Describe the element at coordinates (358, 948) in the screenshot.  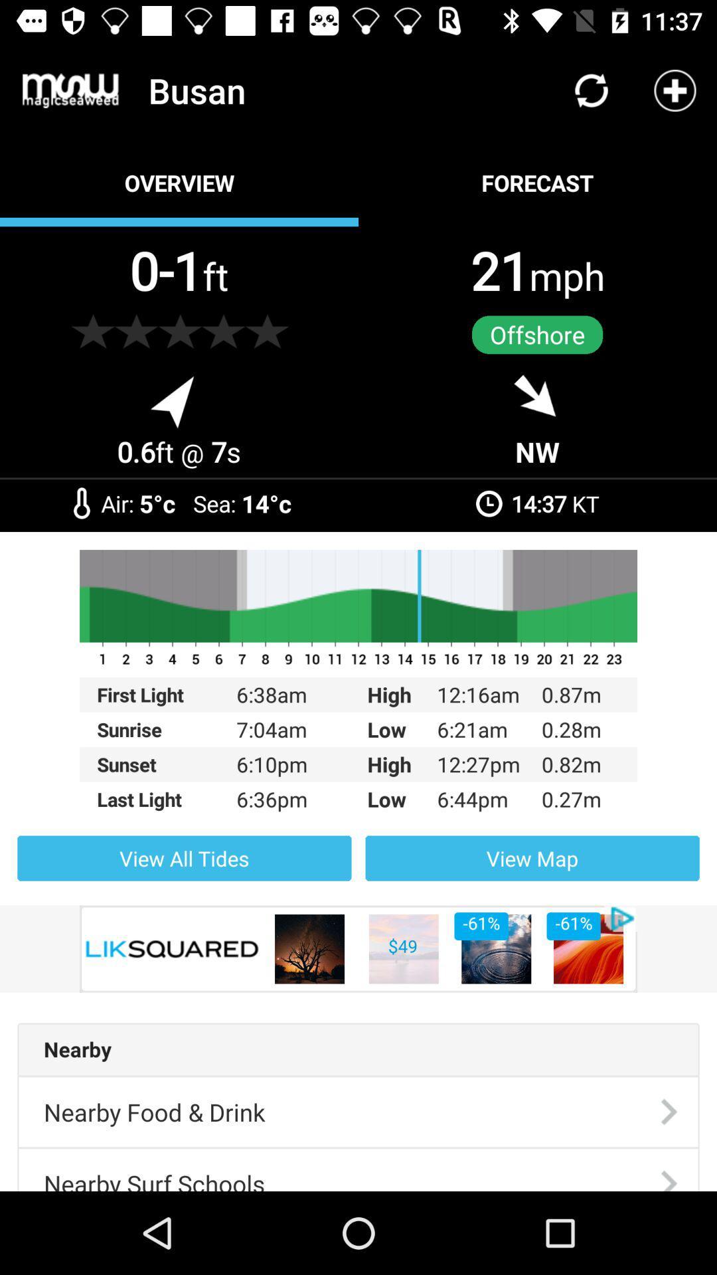
I see `the item below view all tides` at that location.